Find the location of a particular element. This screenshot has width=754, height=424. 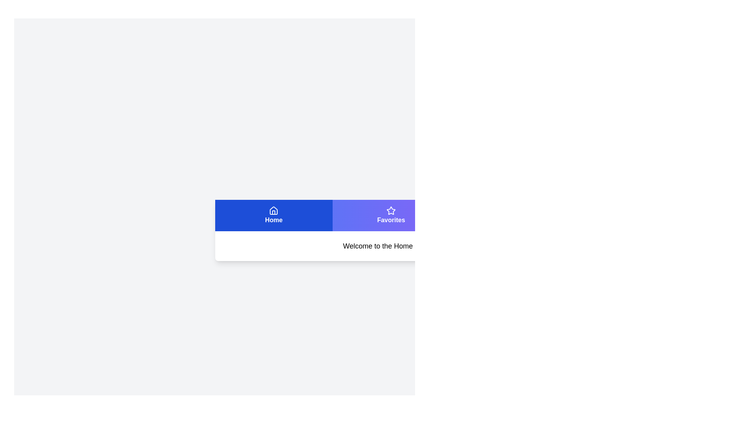

the 'Home' icon located in the blue rectangular area at the top-left of the navigation bar is located at coordinates (274, 210).